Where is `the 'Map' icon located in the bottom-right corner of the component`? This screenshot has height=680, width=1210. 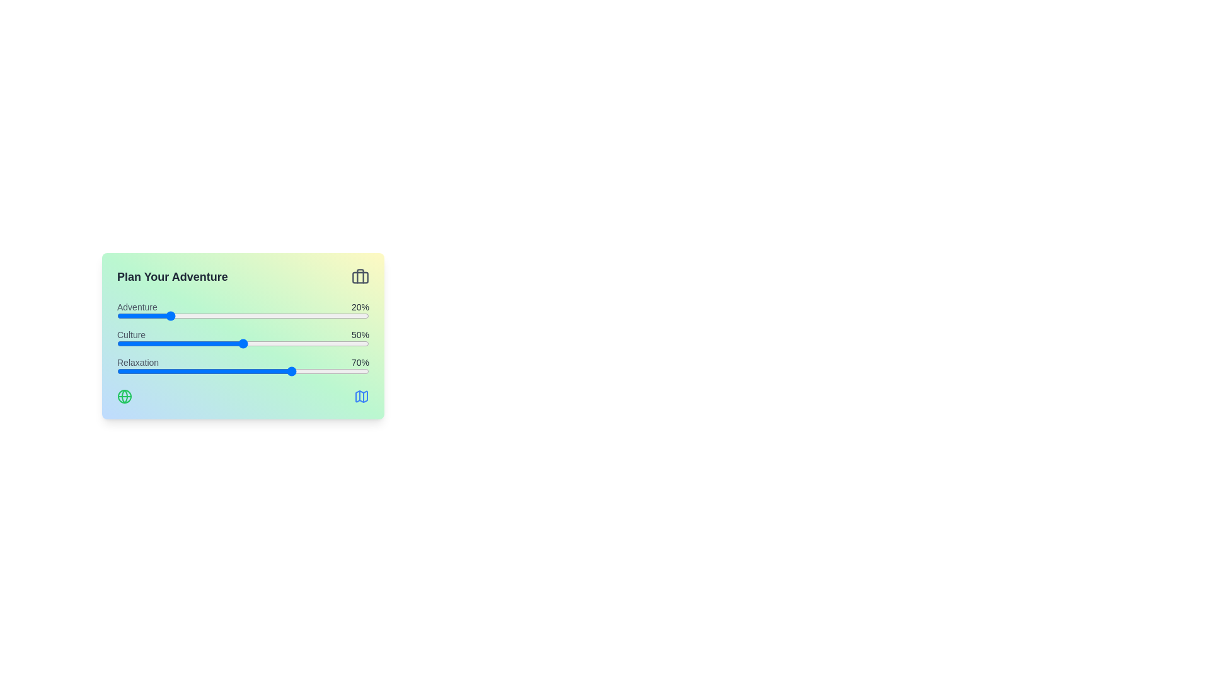 the 'Map' icon located in the bottom-right corner of the component is located at coordinates (361, 395).